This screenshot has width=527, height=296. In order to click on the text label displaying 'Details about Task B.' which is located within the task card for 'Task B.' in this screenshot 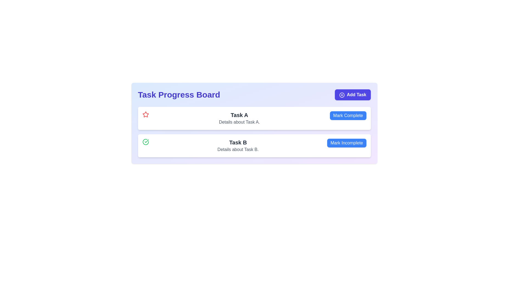, I will do `click(238, 150)`.